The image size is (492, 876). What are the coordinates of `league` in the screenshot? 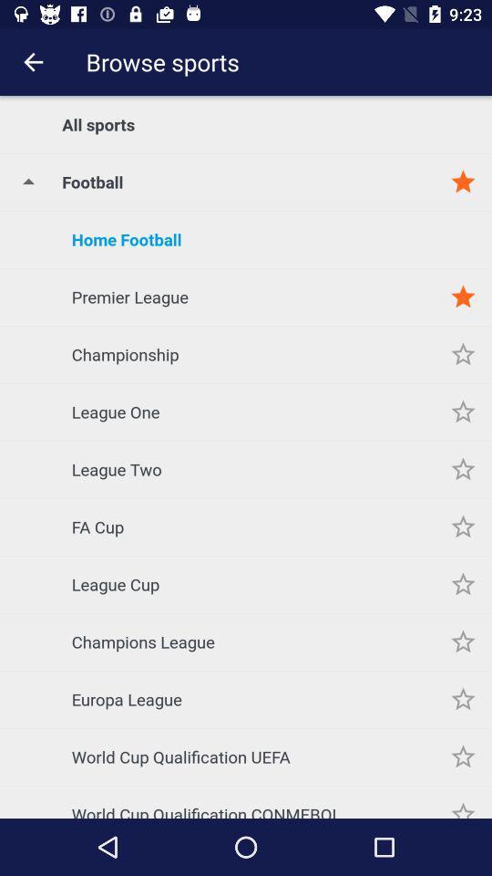 It's located at (463, 583).